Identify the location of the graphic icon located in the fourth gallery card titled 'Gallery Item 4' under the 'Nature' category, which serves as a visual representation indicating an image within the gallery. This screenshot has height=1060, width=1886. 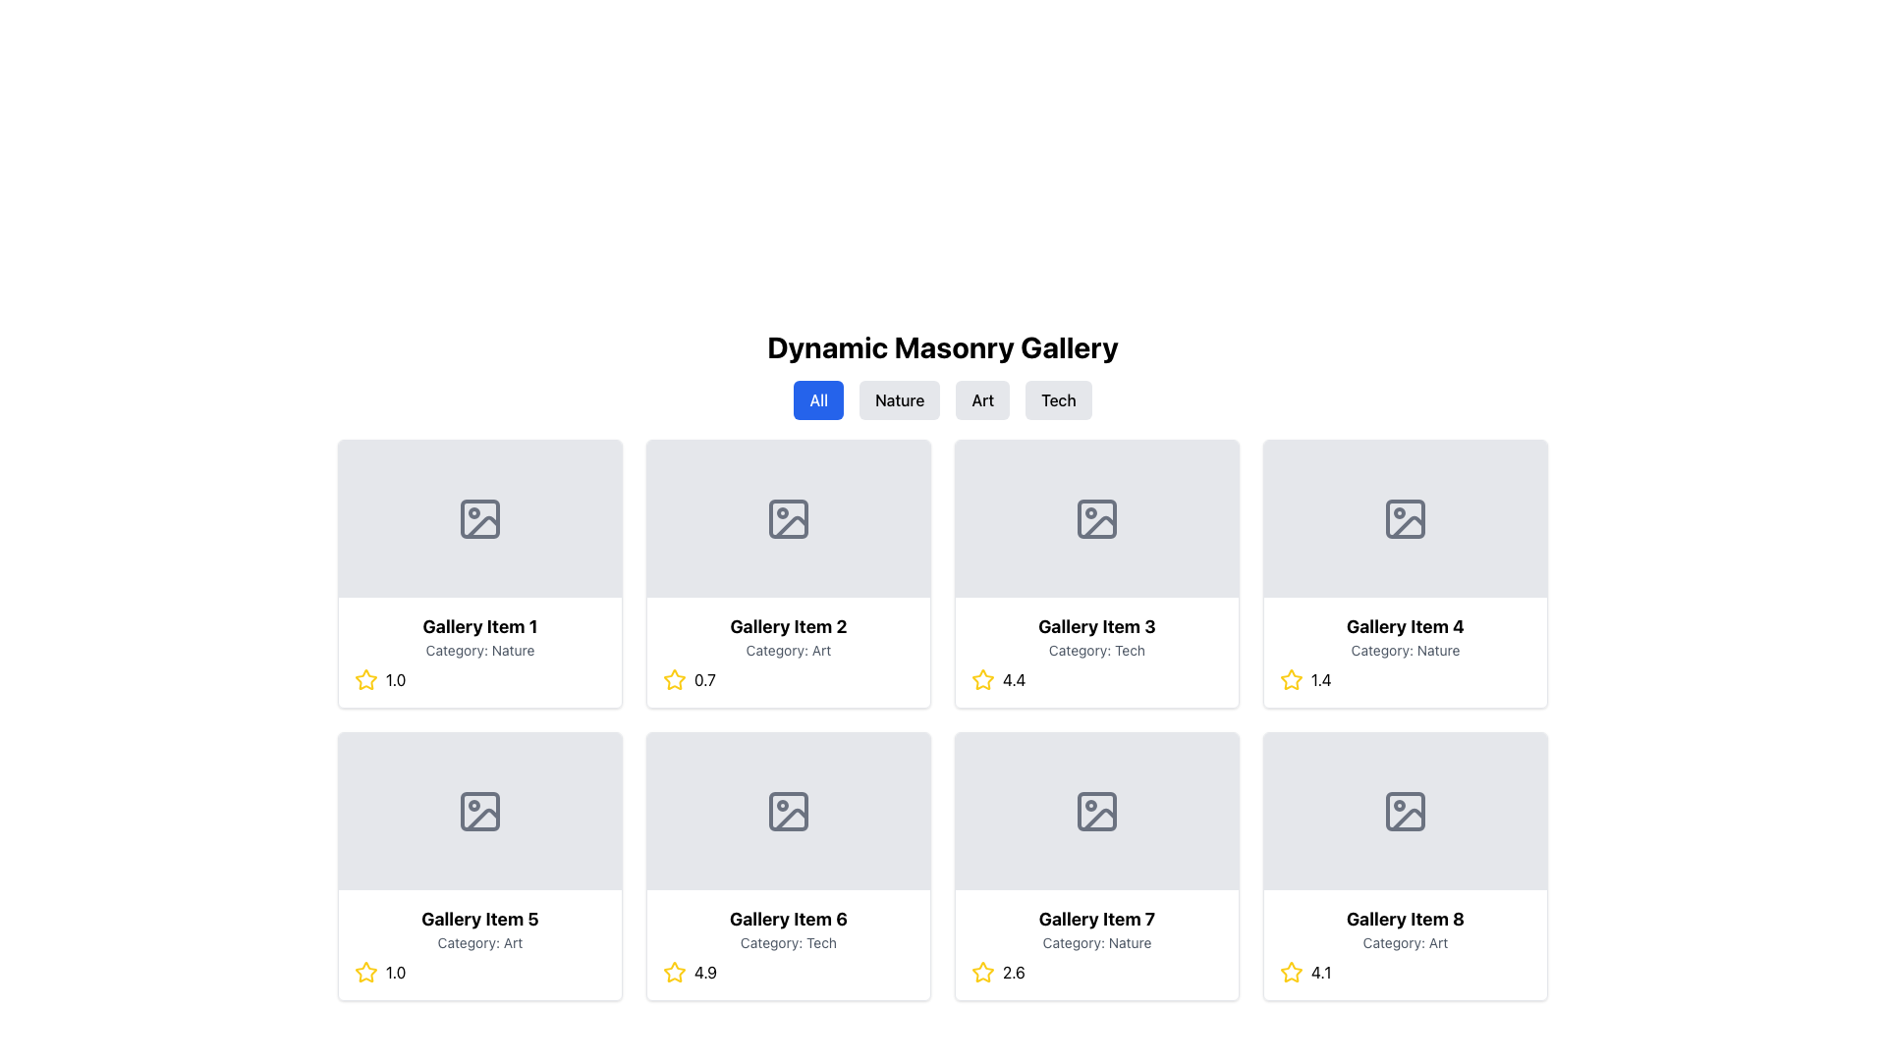
(1404, 517).